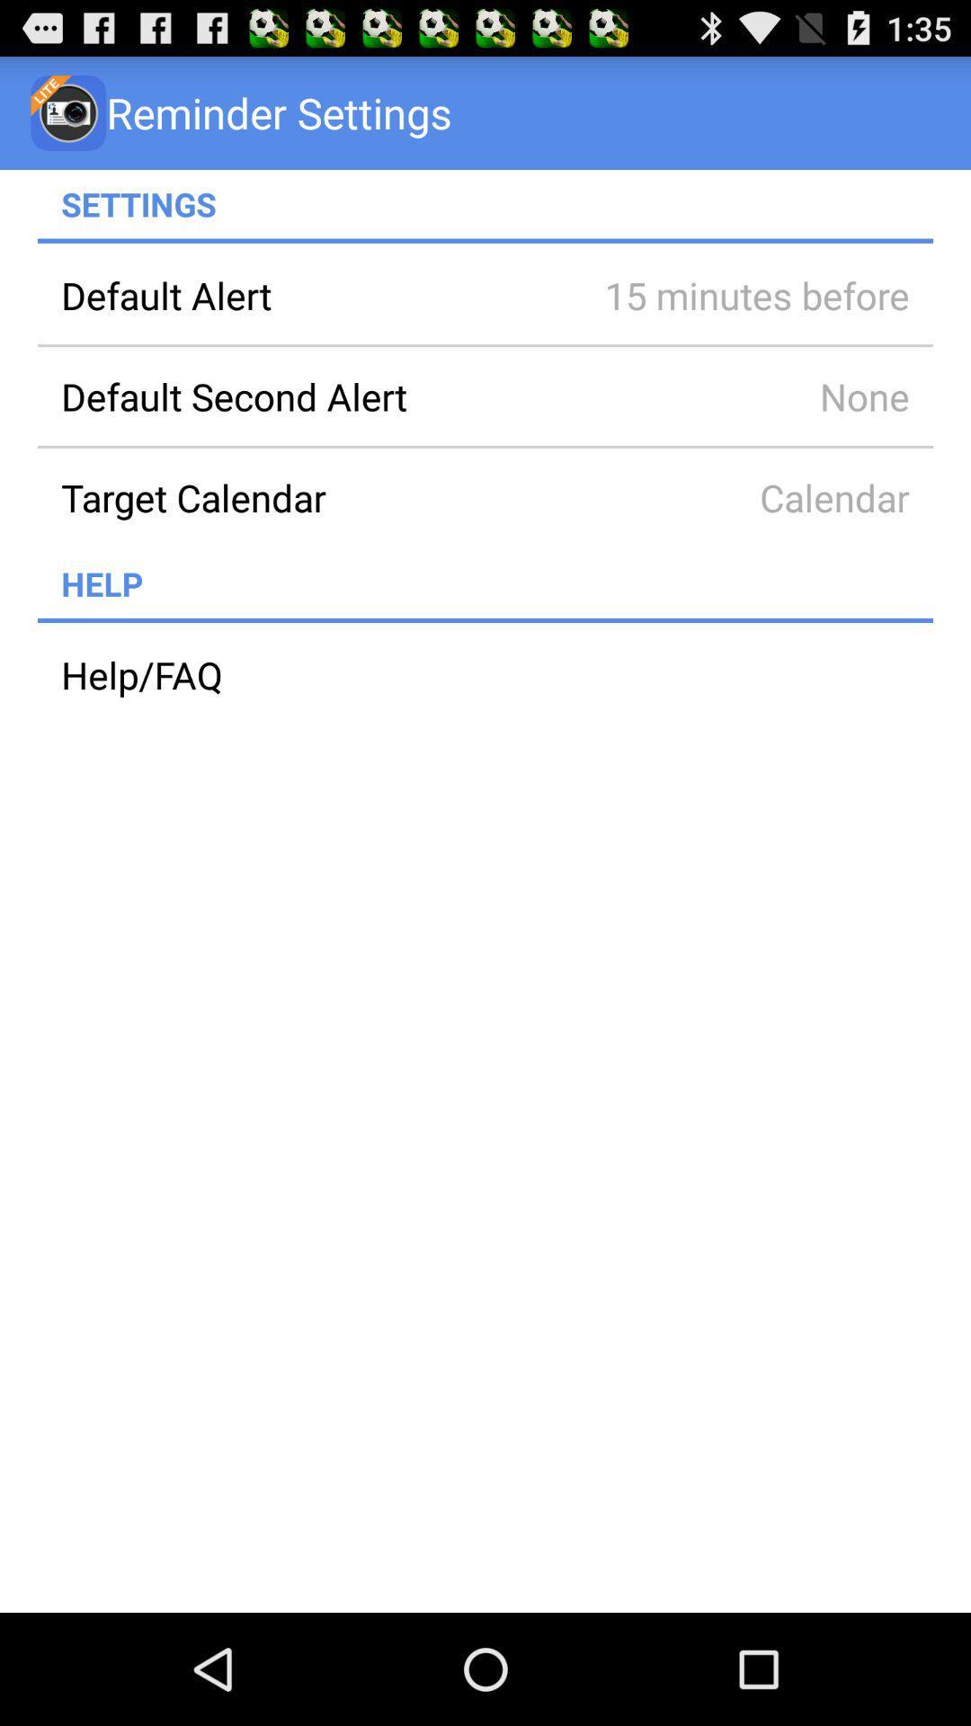  What do you see at coordinates (485, 240) in the screenshot?
I see `icon below the settings` at bounding box center [485, 240].